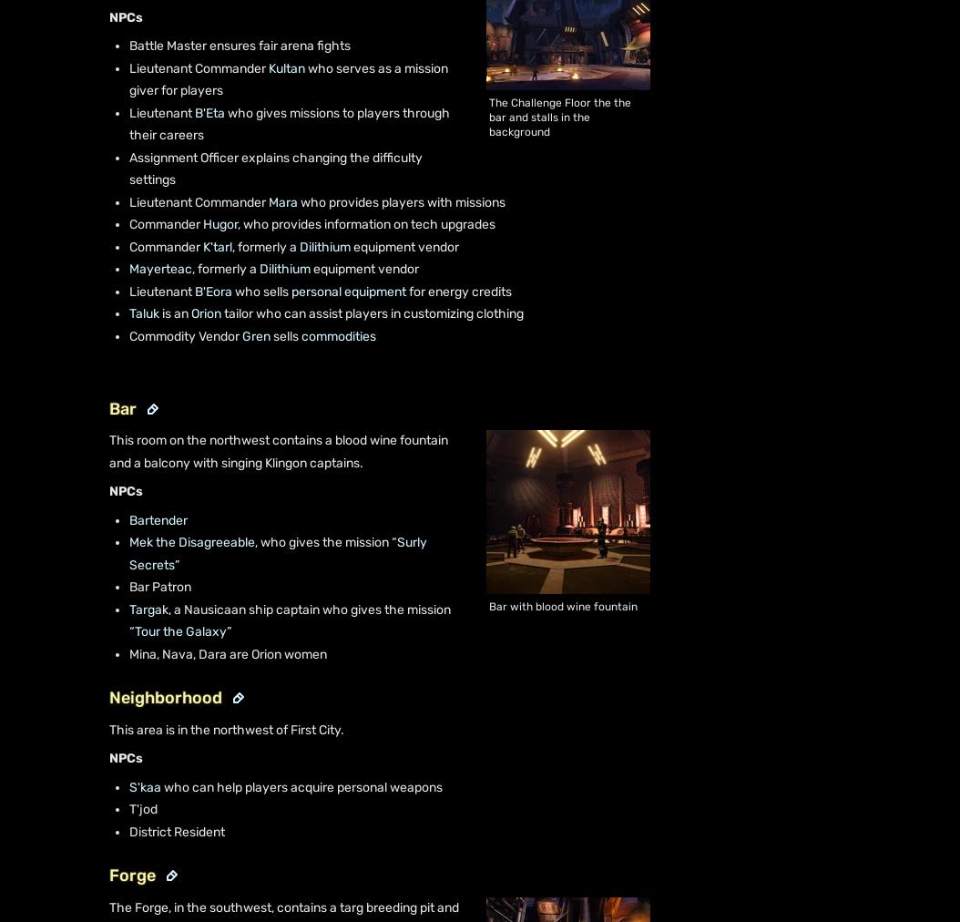 The height and width of the screenshot is (922, 960). What do you see at coordinates (567, 131) in the screenshot?
I see `'Do Not Sell or Share My Personal Information'` at bounding box center [567, 131].